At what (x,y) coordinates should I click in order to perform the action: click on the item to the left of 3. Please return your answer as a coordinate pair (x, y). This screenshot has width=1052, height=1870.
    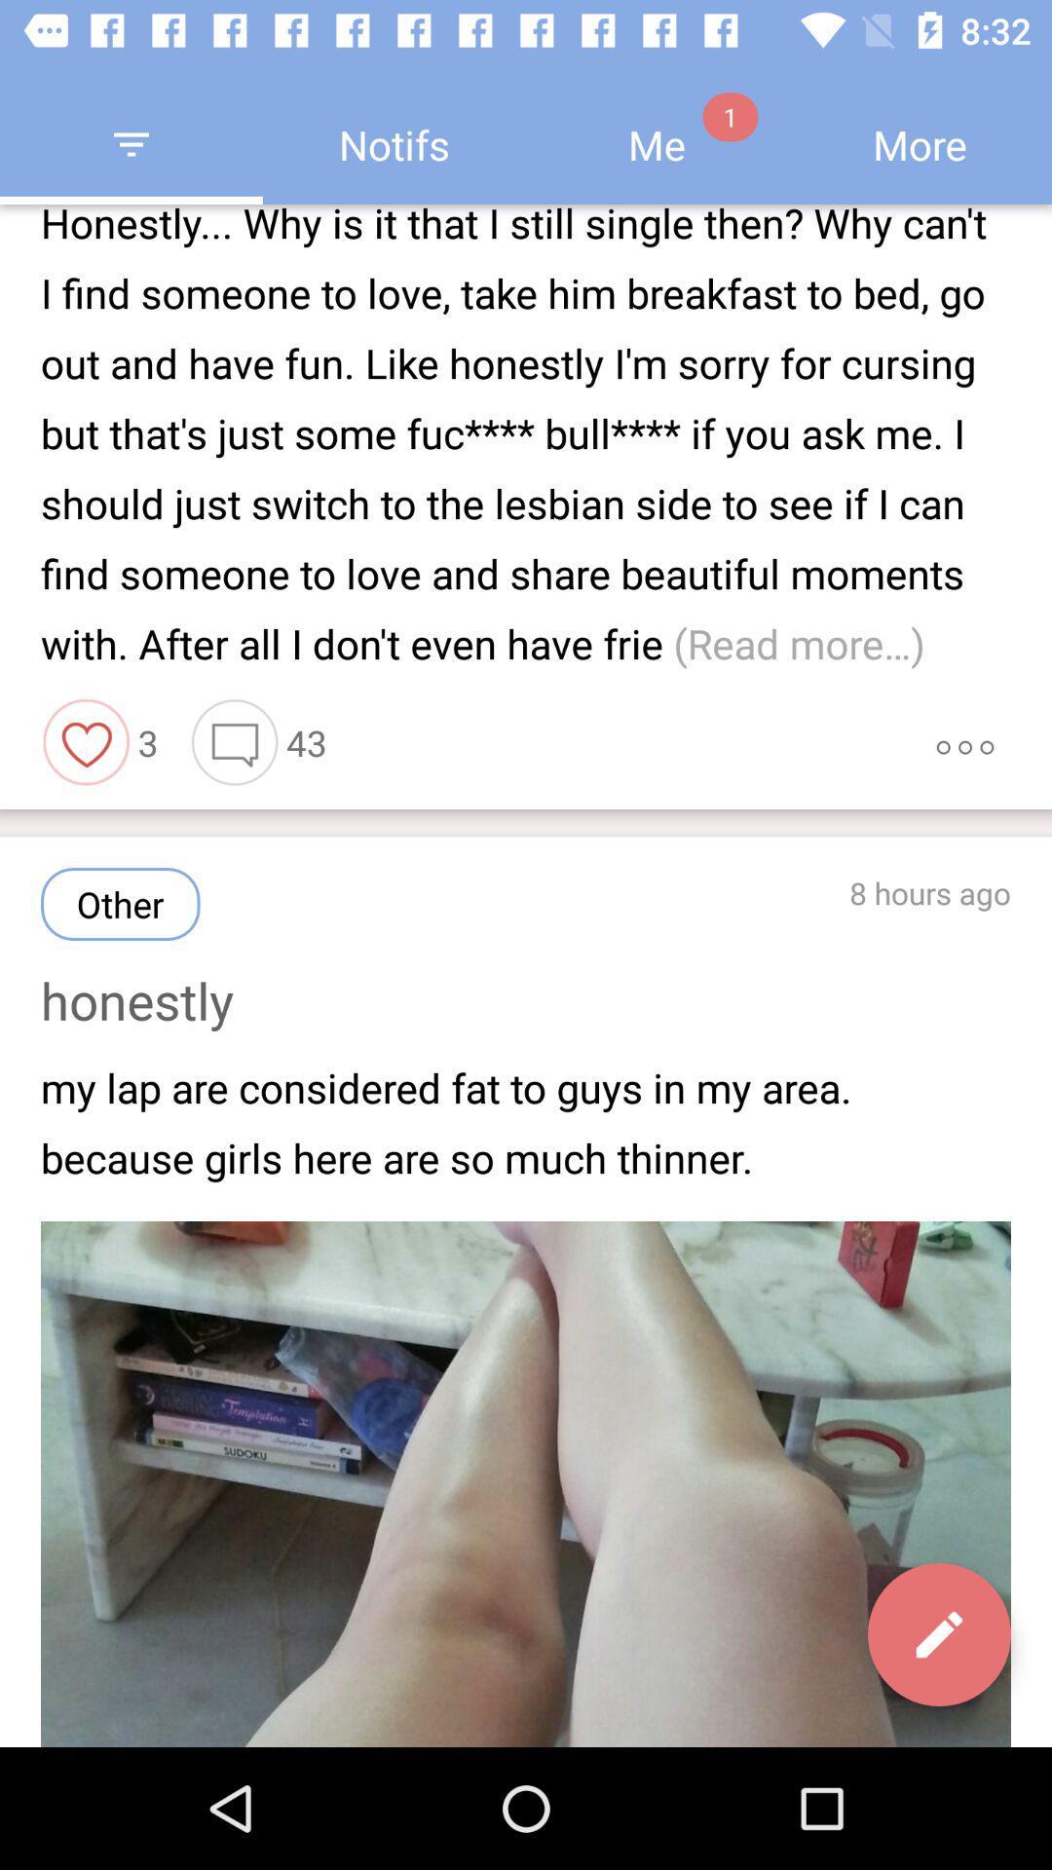
    Looking at the image, I should click on (86, 741).